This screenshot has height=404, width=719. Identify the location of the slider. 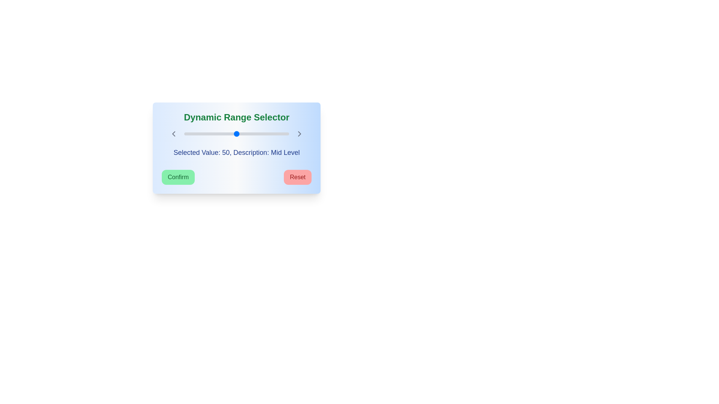
(272, 134).